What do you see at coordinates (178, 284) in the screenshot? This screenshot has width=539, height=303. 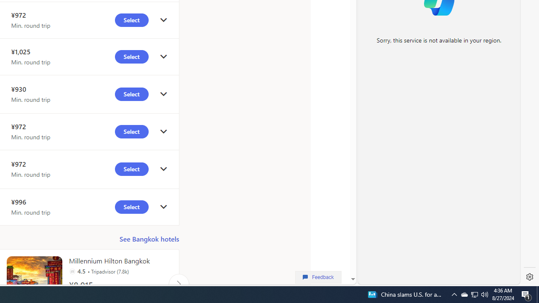 I see `'Click to scroll right'` at bounding box center [178, 284].